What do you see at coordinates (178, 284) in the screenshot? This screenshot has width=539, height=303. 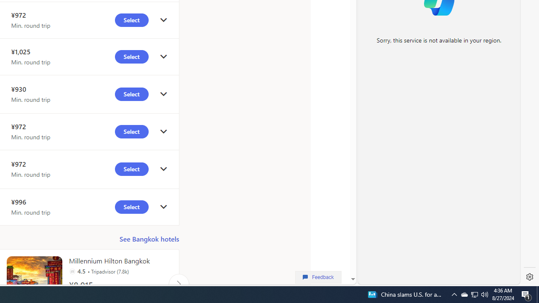 I see `'Click to scroll right'` at bounding box center [178, 284].